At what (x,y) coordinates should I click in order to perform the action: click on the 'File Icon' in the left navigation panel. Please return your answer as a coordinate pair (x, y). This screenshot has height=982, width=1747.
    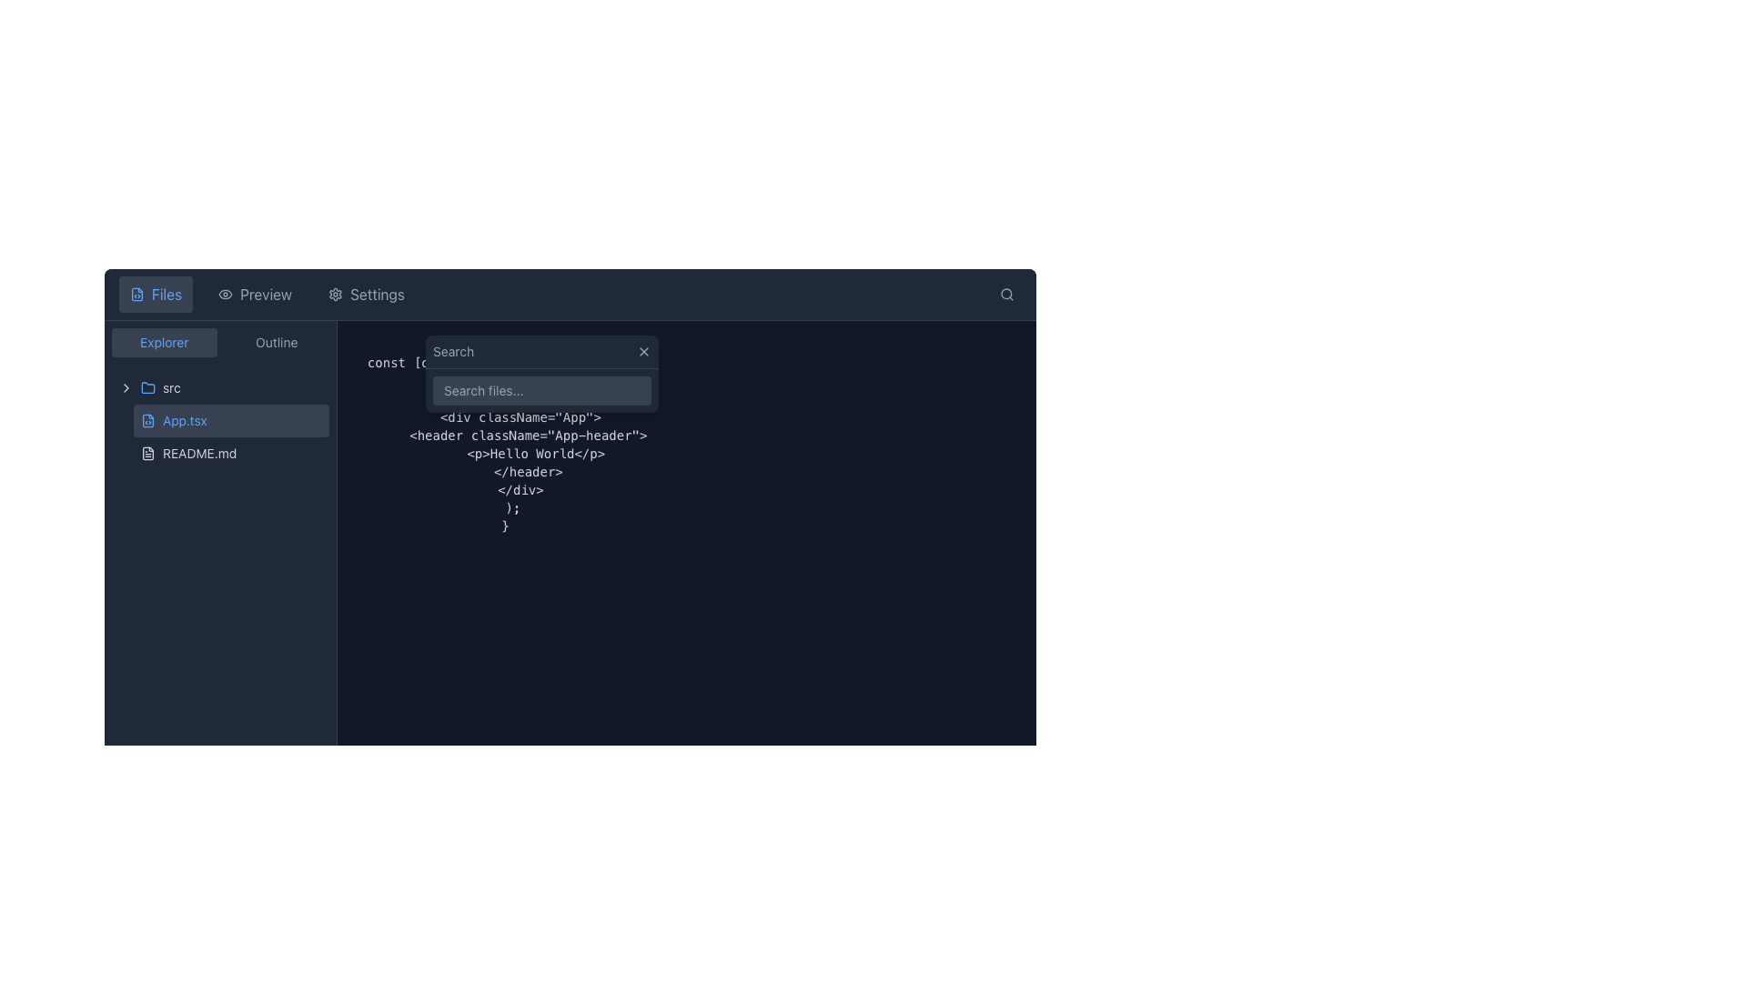
    Looking at the image, I should click on (136, 294).